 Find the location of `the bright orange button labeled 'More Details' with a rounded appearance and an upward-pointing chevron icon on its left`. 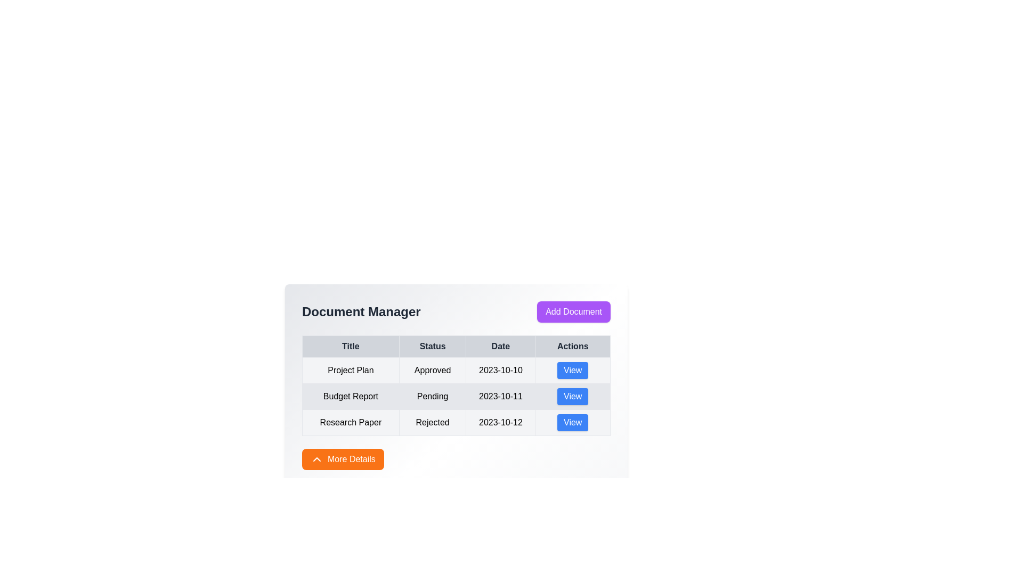

the bright orange button labeled 'More Details' with a rounded appearance and an upward-pointing chevron icon on its left is located at coordinates (343, 459).